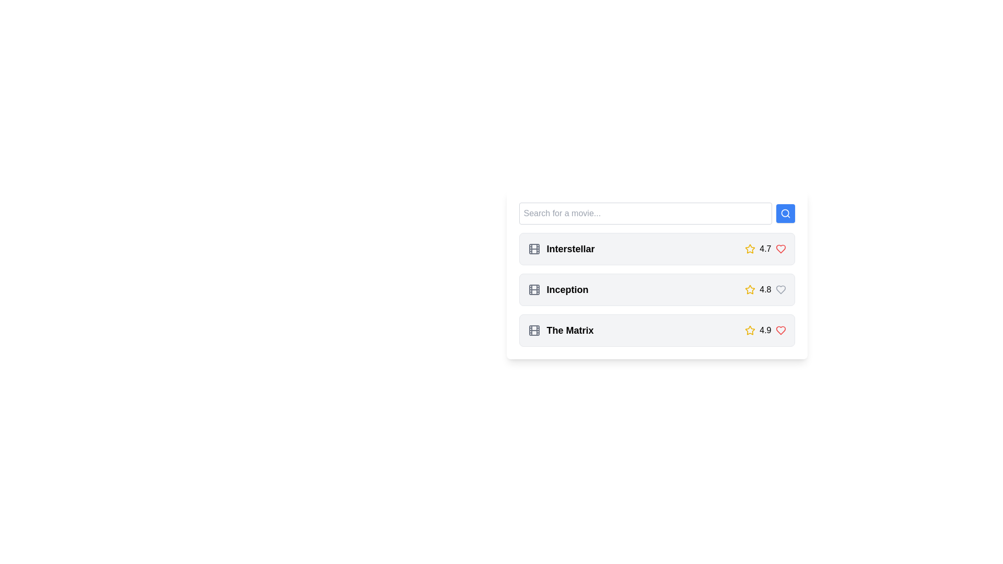 Image resolution: width=1003 pixels, height=564 pixels. Describe the element at coordinates (560, 330) in the screenshot. I see `the Text with Icon Area that displays the title 'The Matrix', located in the third row of a vertical layout, adjacent to a rating value and a heart icon` at that location.